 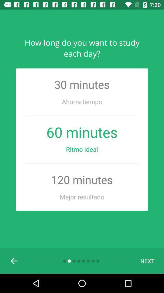 I want to click on the icon below the mejor resultado item, so click(x=147, y=260).